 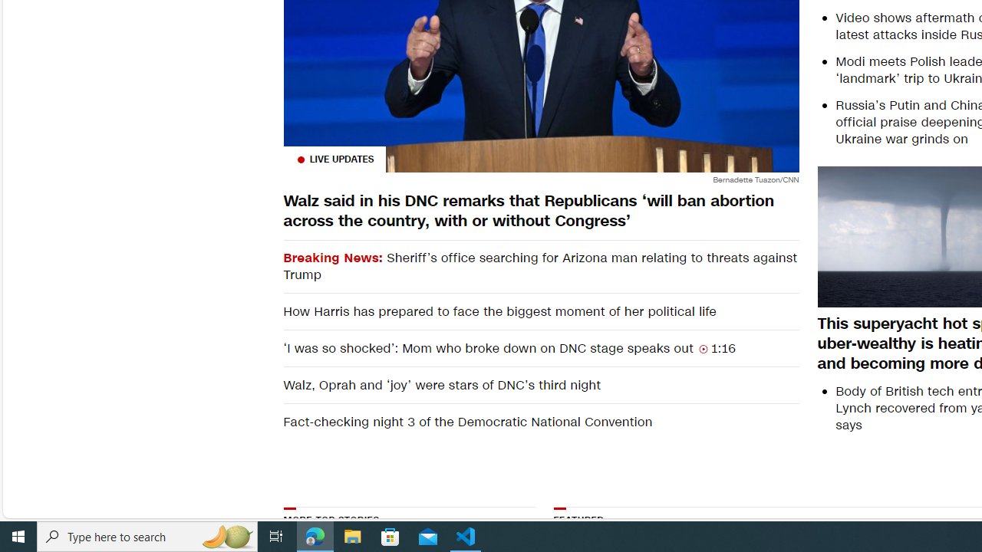 I want to click on 'Visual Studio Code - 1 running window', so click(x=465, y=535).